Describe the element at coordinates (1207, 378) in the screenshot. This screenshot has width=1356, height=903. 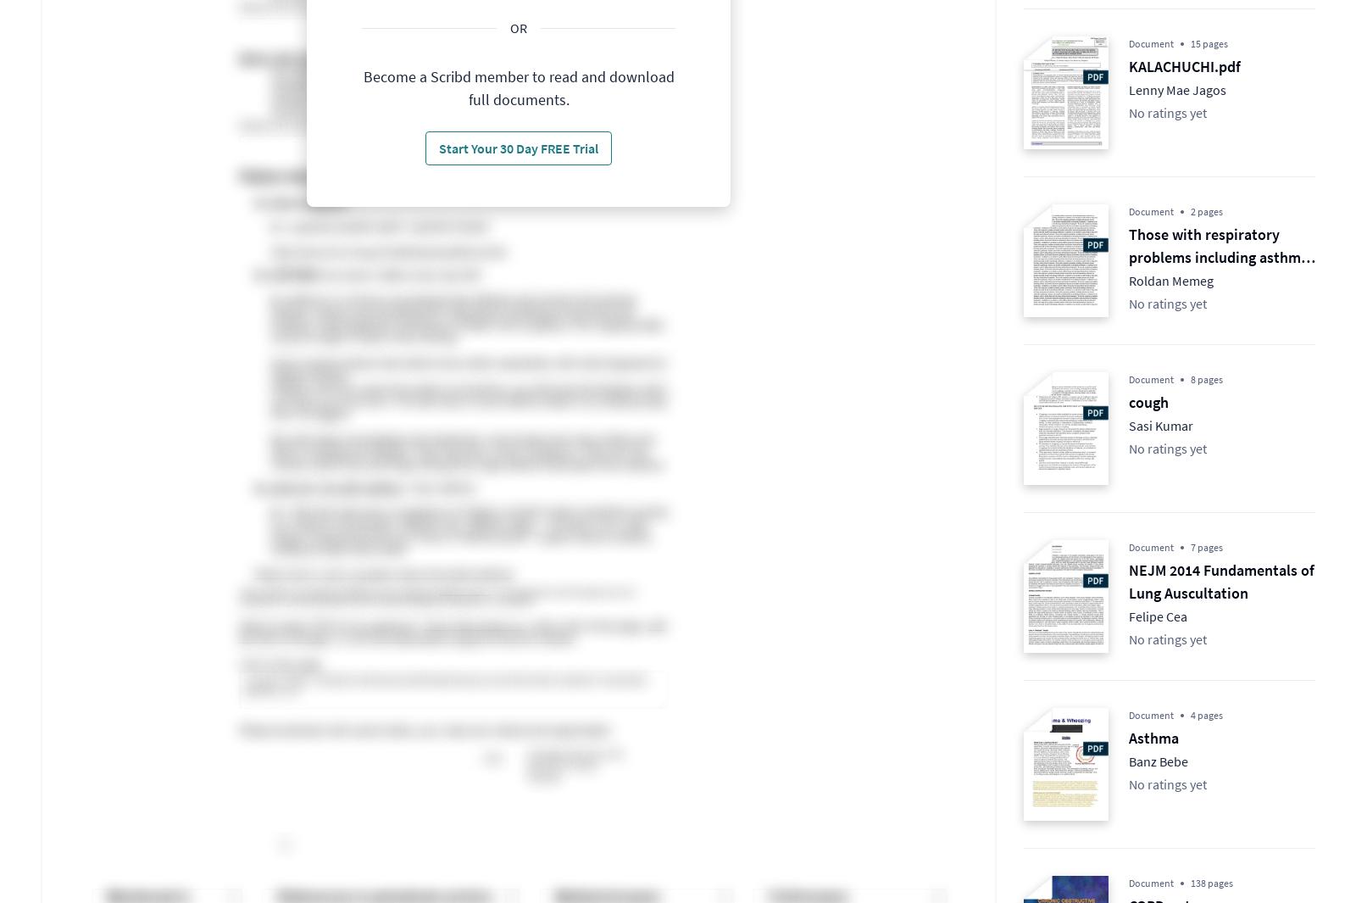
I see `'8 pages'` at that location.